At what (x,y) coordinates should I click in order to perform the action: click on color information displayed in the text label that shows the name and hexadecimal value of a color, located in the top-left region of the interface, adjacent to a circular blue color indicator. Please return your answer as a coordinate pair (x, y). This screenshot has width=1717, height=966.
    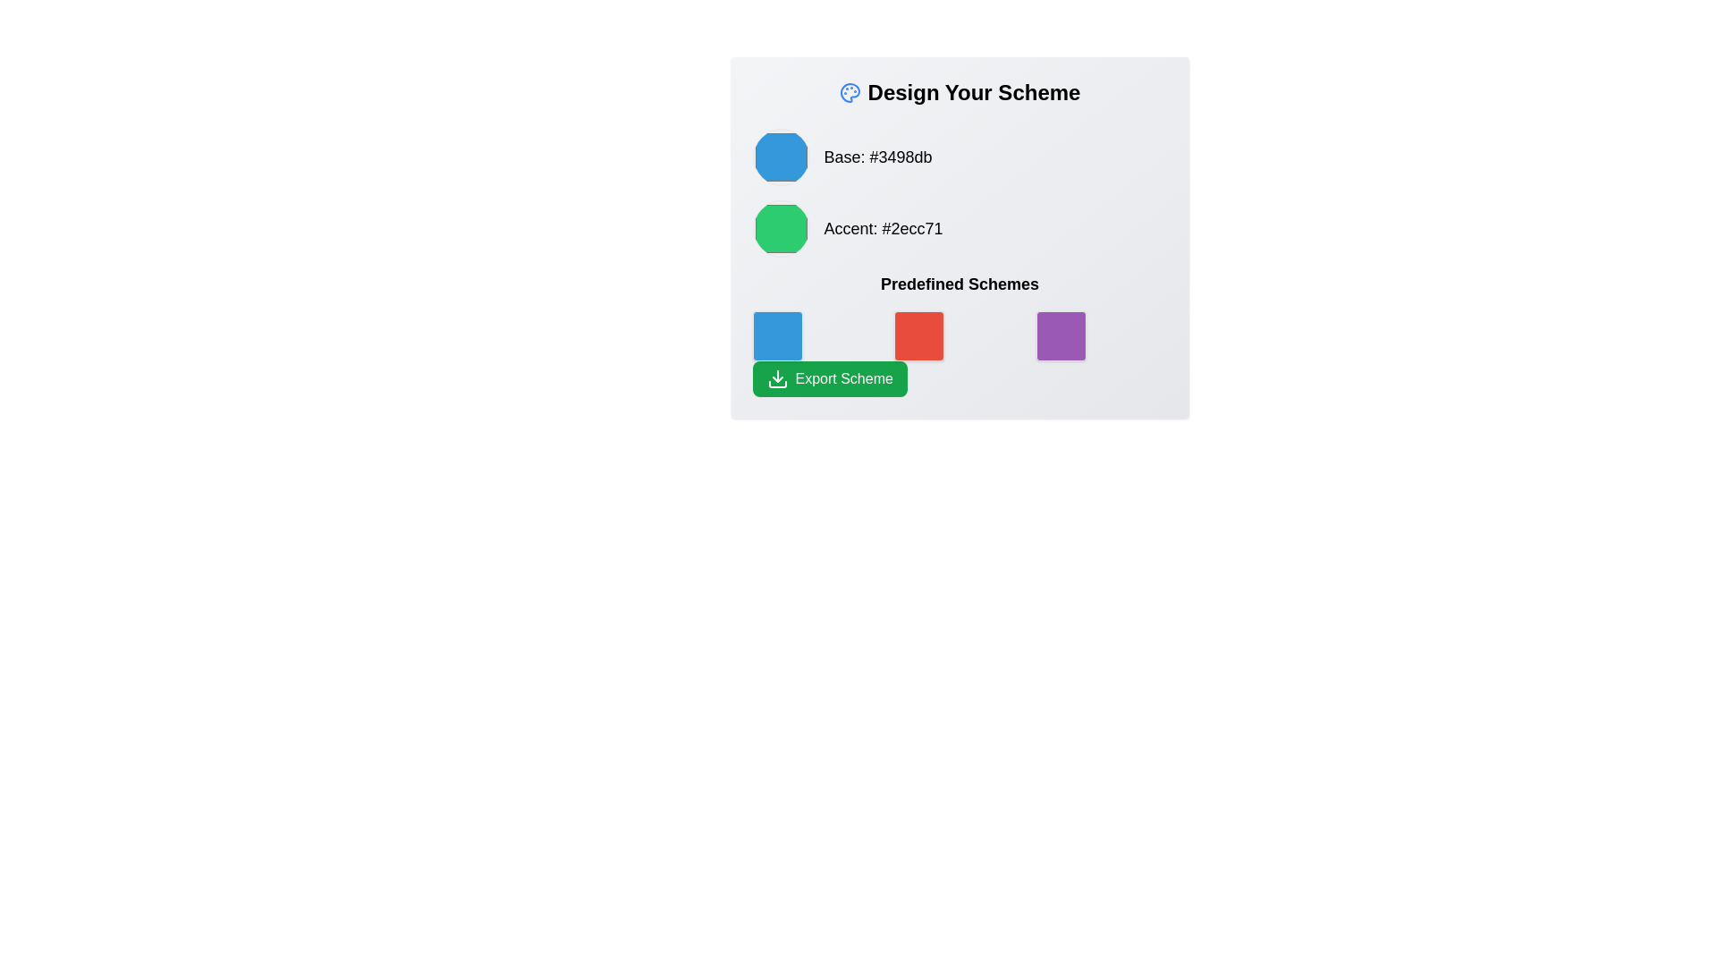
    Looking at the image, I should click on (878, 157).